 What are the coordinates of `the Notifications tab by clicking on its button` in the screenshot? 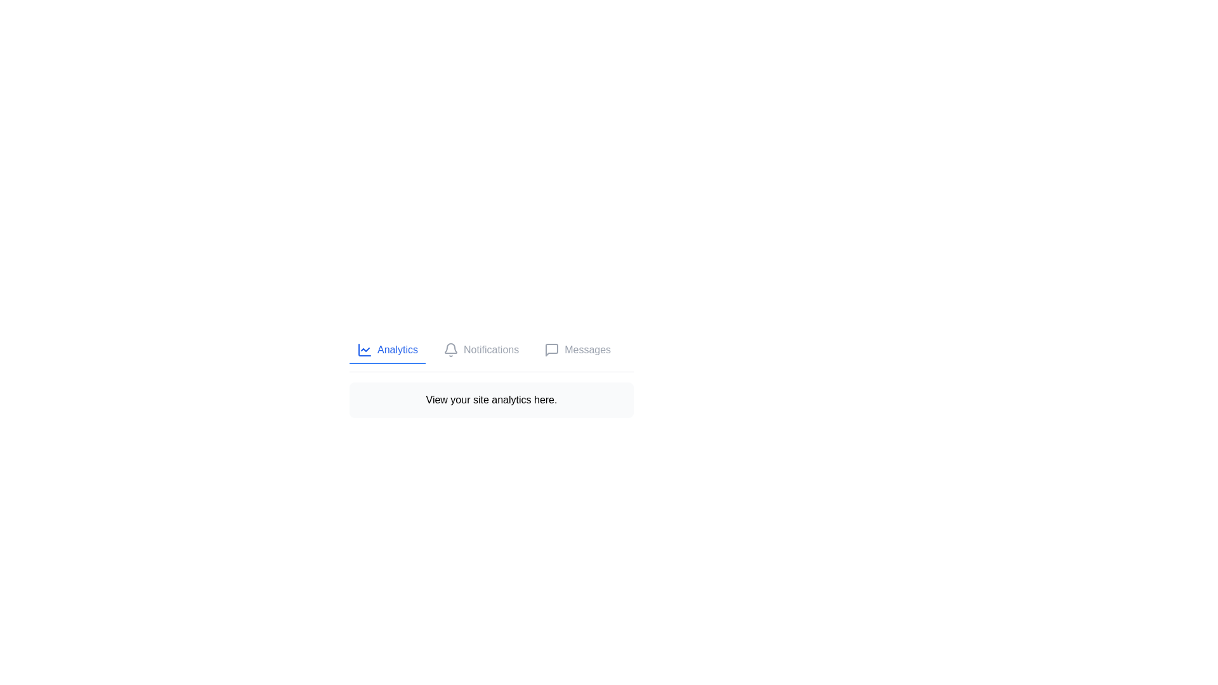 It's located at (480, 350).